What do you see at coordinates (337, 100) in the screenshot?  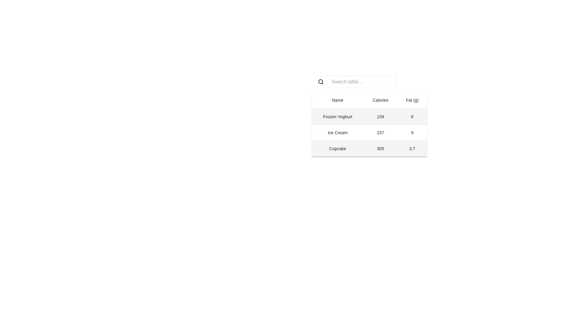 I see `the 'Name' header cell in the table to sort the column` at bounding box center [337, 100].